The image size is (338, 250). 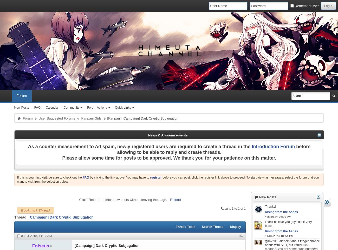 I want to click on '11-04-2023,', so click(x=264, y=235).